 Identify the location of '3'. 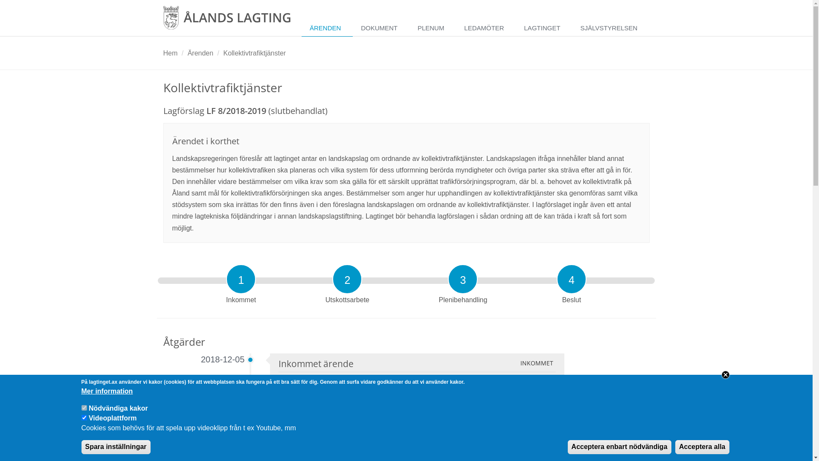
(462, 279).